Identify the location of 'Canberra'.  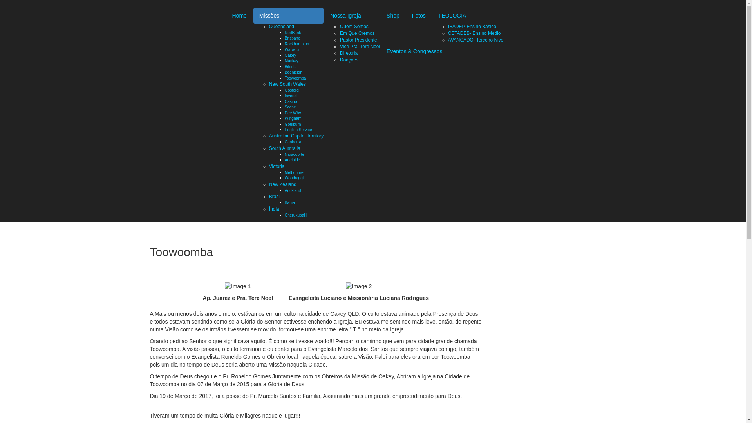
(293, 142).